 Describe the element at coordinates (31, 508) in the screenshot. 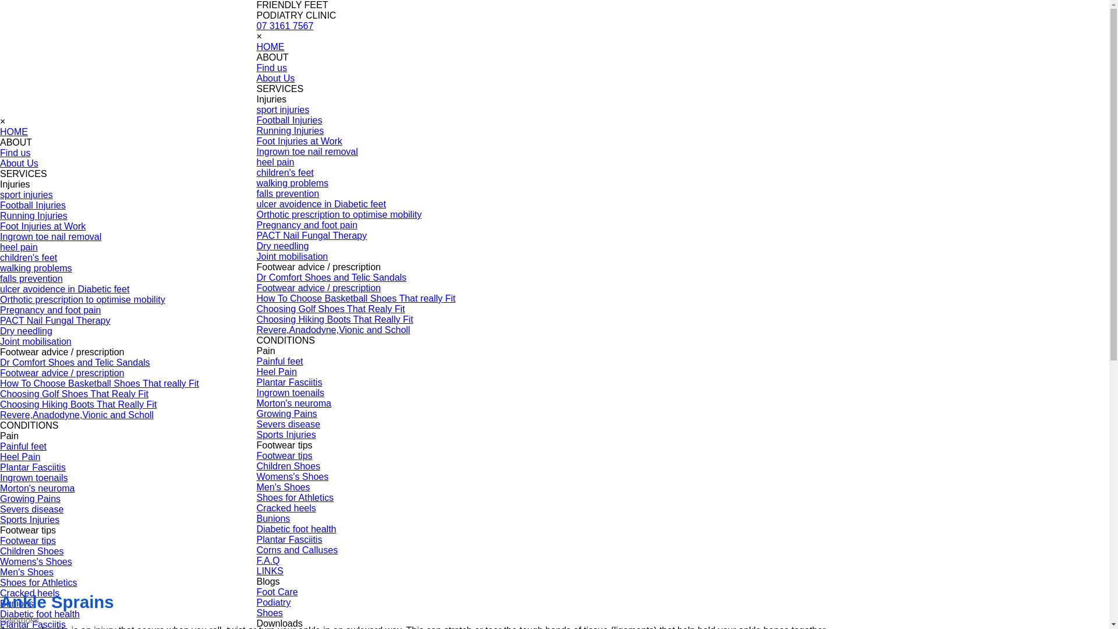

I see `'Severs disease'` at that location.